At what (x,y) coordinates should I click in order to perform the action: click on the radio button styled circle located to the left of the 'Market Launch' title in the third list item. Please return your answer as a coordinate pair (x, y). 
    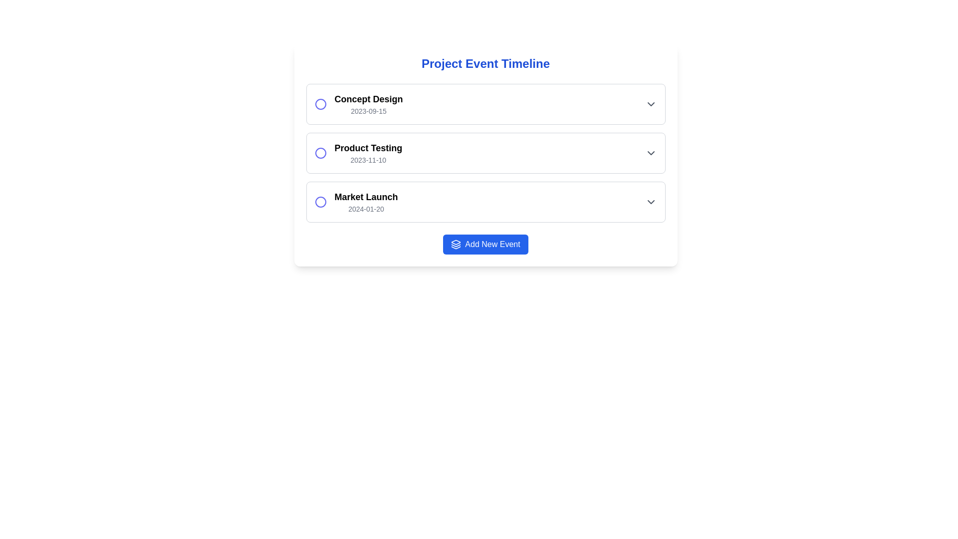
    Looking at the image, I should click on (320, 202).